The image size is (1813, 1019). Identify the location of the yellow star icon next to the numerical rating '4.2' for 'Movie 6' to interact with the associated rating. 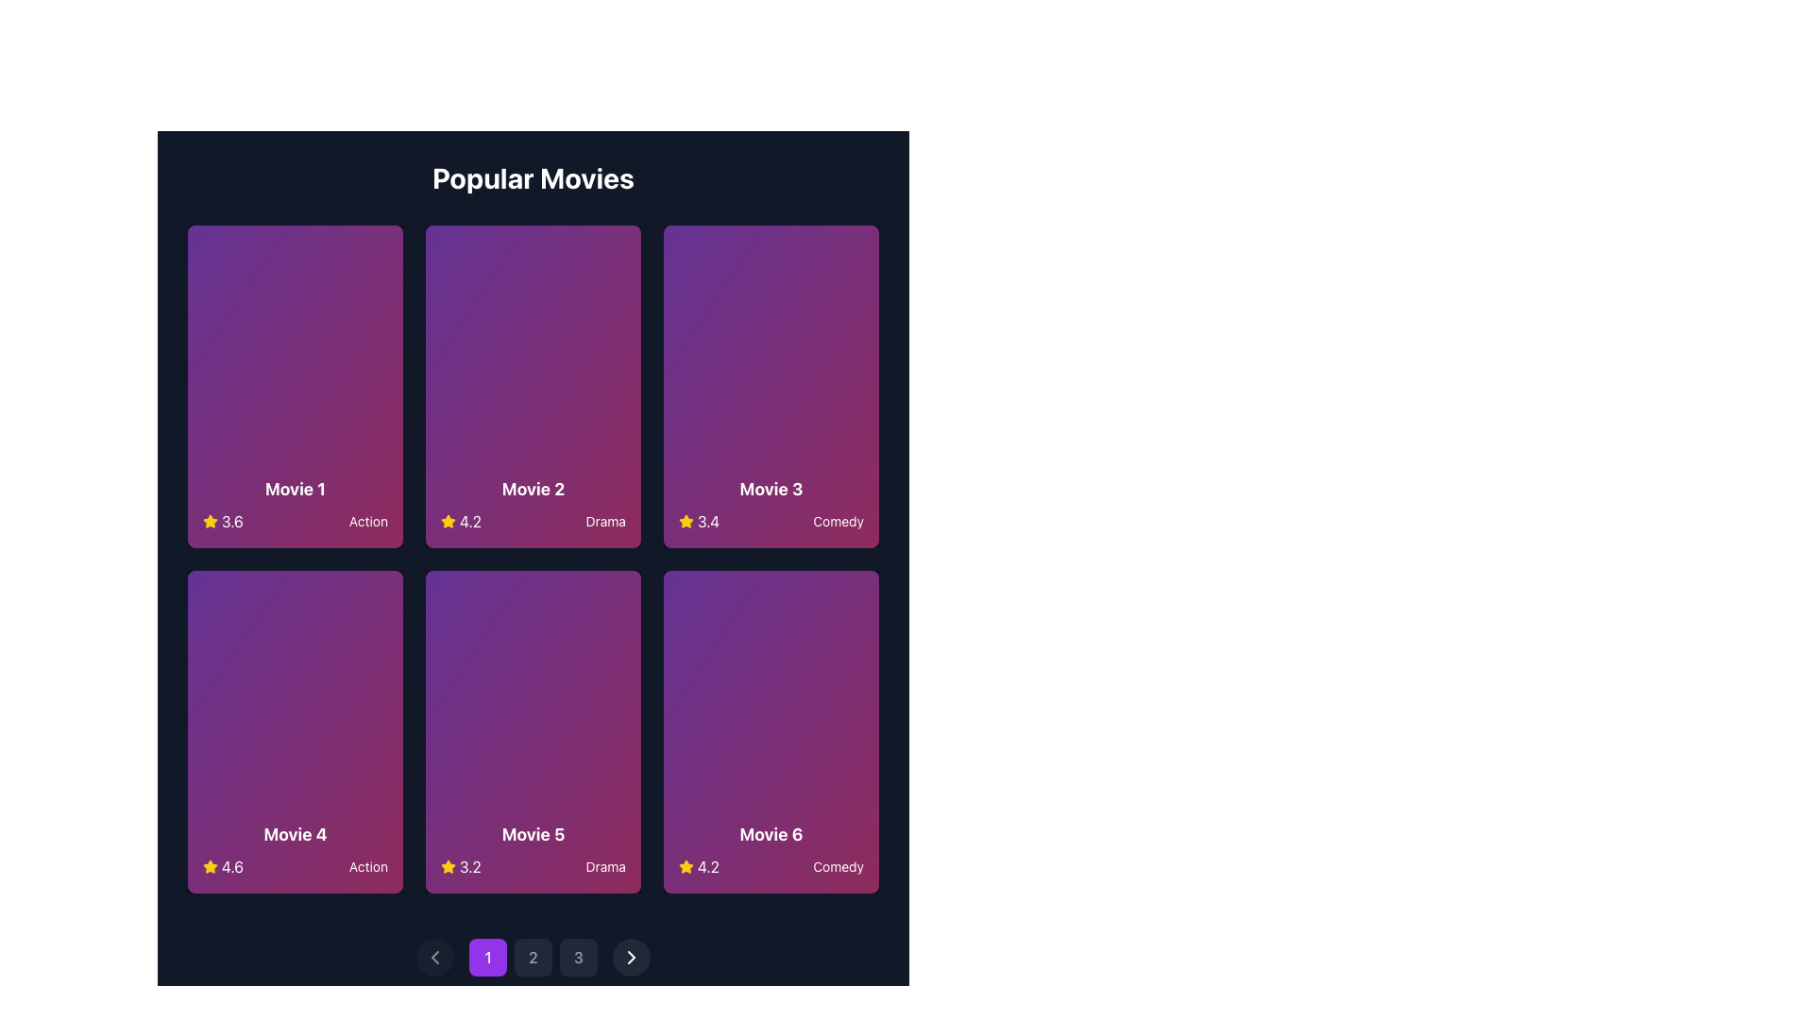
(685, 866).